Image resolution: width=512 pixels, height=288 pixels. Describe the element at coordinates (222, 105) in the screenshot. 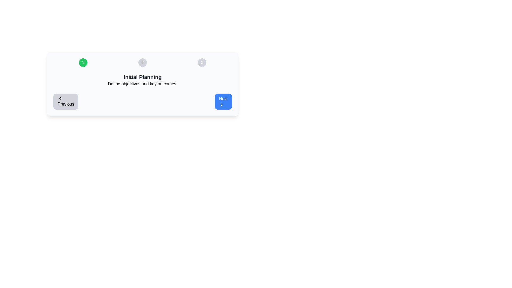

I see `the chevron-shaped graphical icon within the 'Next' button located at the bottom-right corner of the main frame` at that location.